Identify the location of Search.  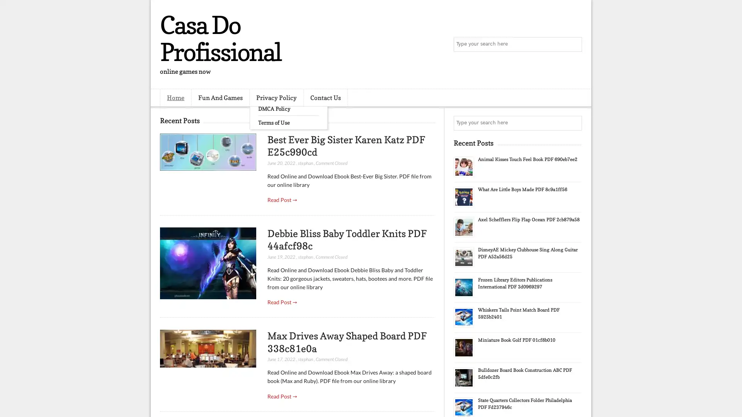
(574, 44).